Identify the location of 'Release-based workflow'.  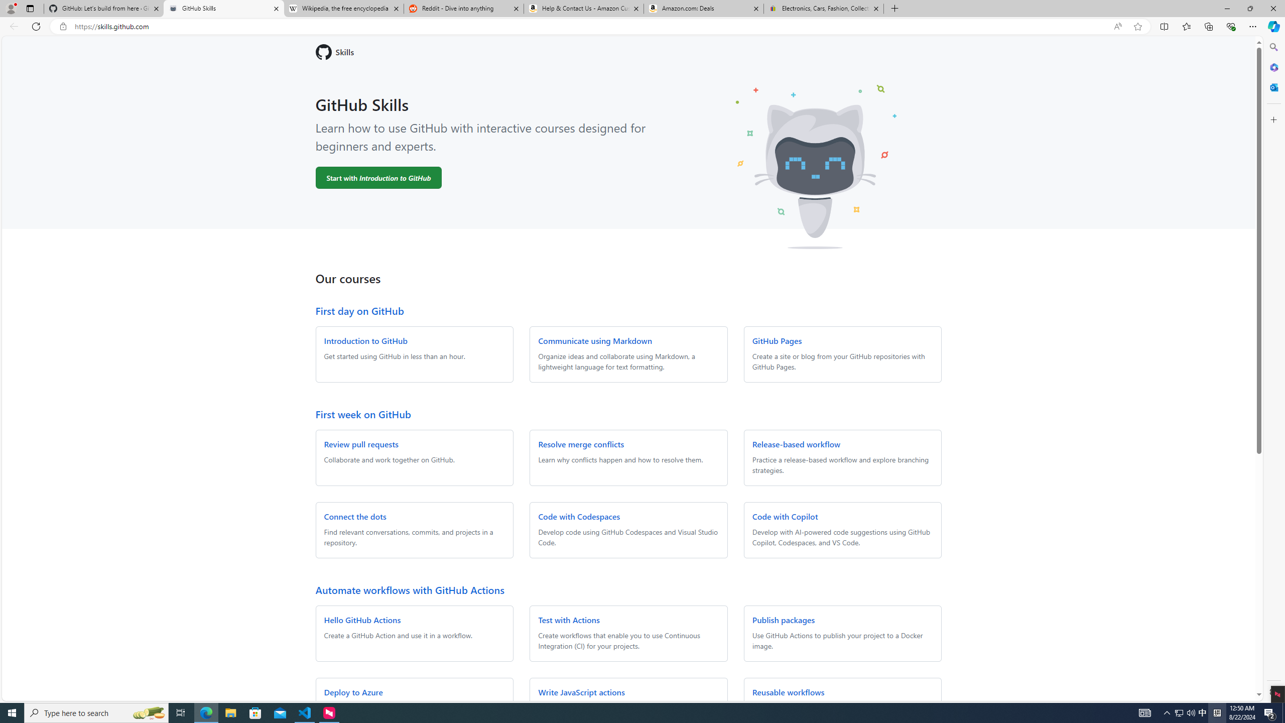
(796, 444).